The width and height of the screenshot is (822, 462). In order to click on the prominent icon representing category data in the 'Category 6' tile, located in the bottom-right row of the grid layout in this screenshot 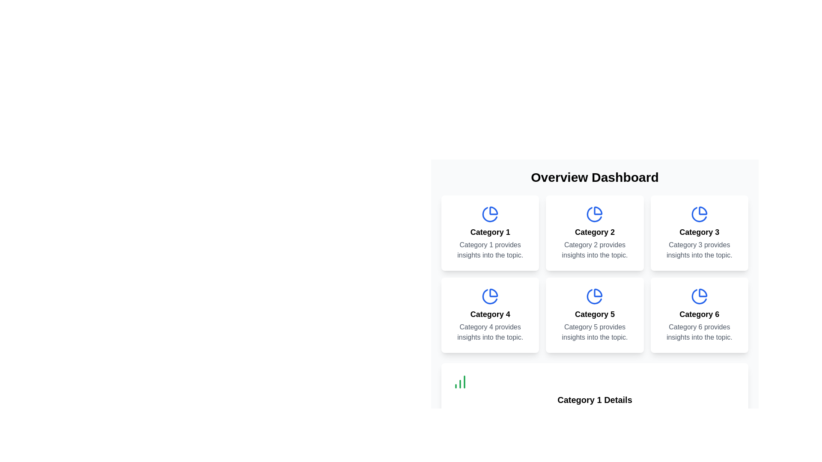, I will do `click(699, 296)`.